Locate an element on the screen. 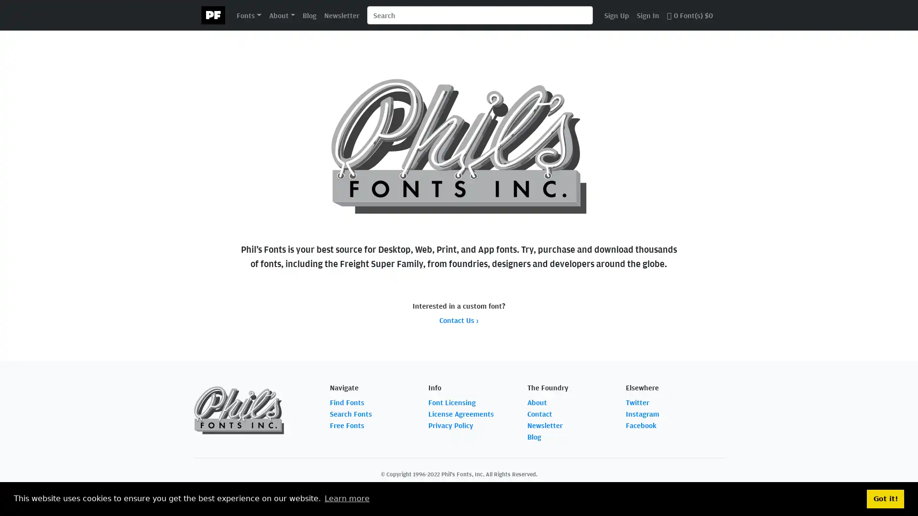  About is located at coordinates (281, 14).